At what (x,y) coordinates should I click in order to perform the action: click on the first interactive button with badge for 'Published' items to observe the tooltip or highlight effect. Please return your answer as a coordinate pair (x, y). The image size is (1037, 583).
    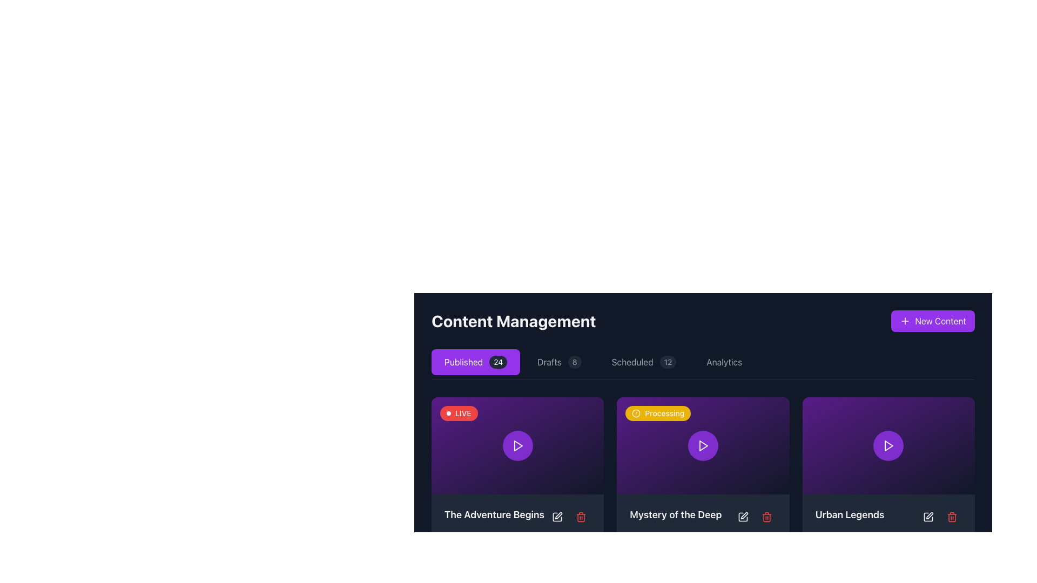
    Looking at the image, I should click on (475, 362).